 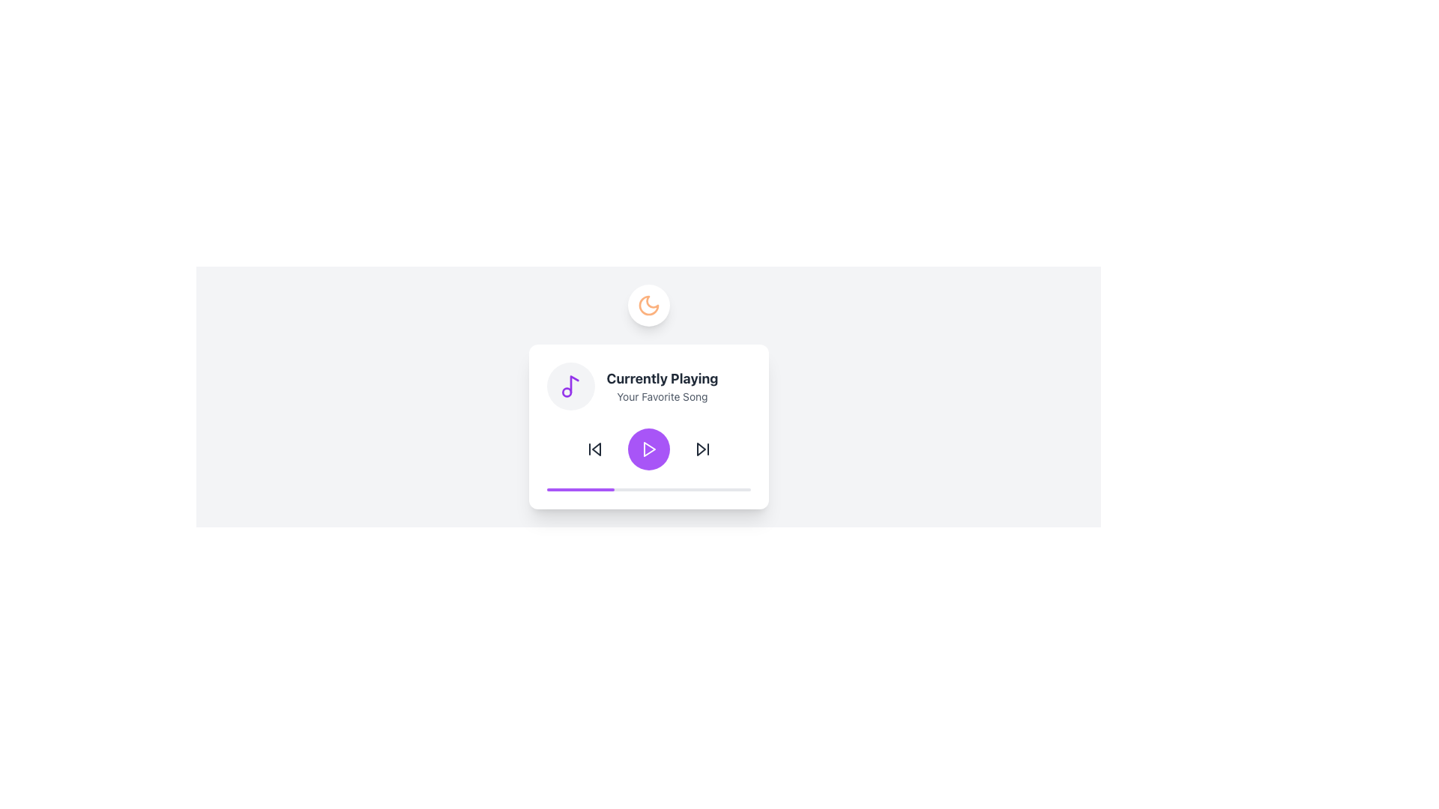 What do you see at coordinates (579, 490) in the screenshot?
I see `the filled portion of the progress bar segment` at bounding box center [579, 490].